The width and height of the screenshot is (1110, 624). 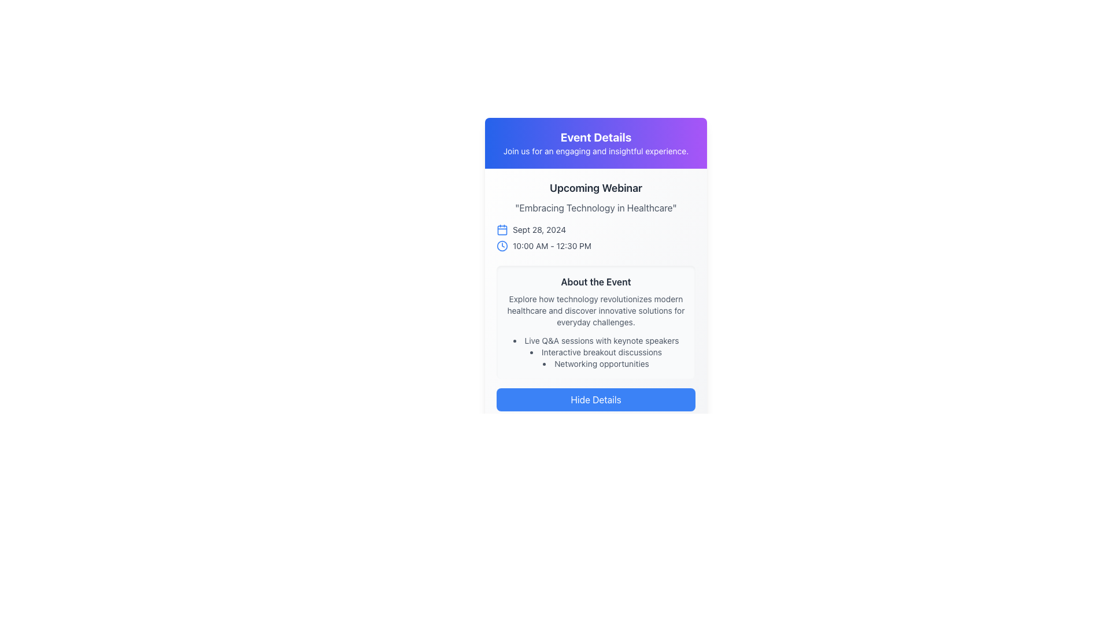 What do you see at coordinates (502, 245) in the screenshot?
I see `the graphical clock icon with a blue color located to the left of the time range text '10:00 AM - 12:30 PM'` at bounding box center [502, 245].